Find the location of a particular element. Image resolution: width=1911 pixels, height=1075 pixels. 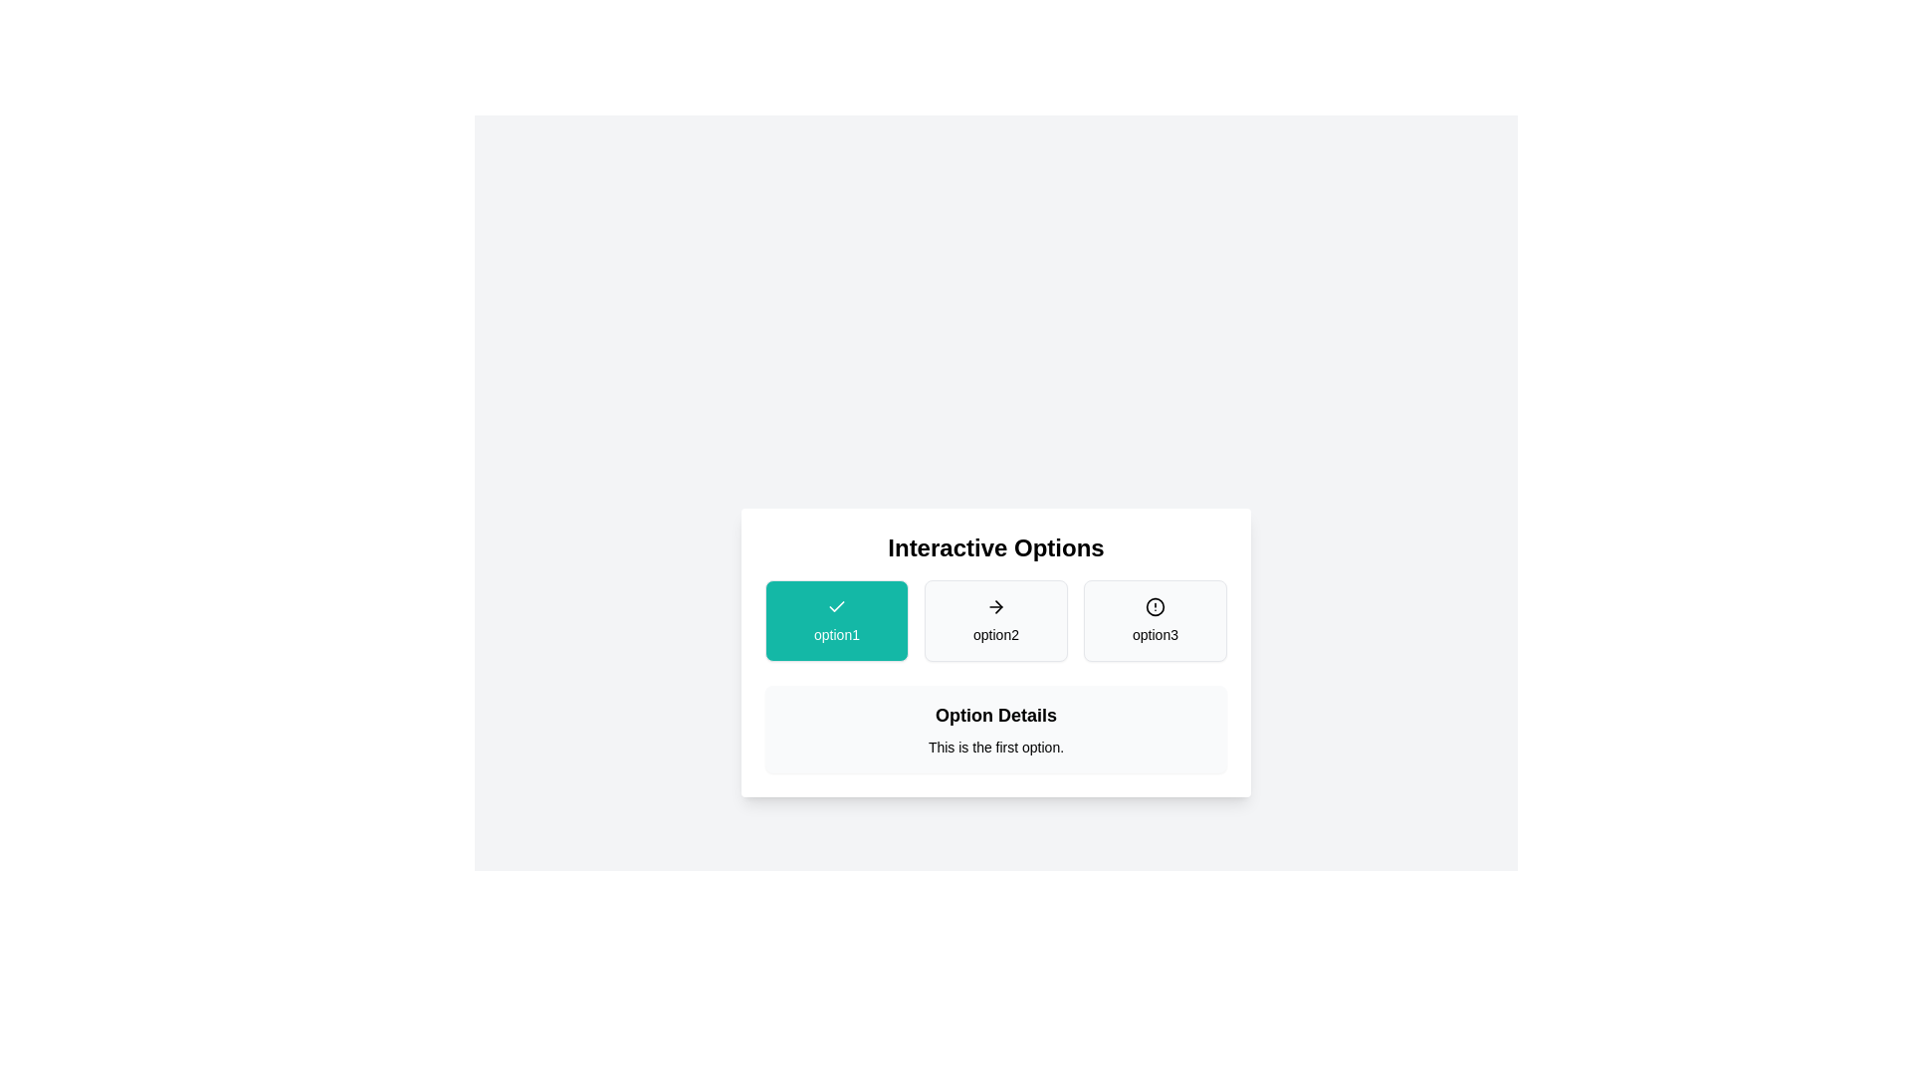

the bold text label 'Option Details' which is prominently displayed as a heading above the sibling text 'This is the first option.' is located at coordinates (996, 714).